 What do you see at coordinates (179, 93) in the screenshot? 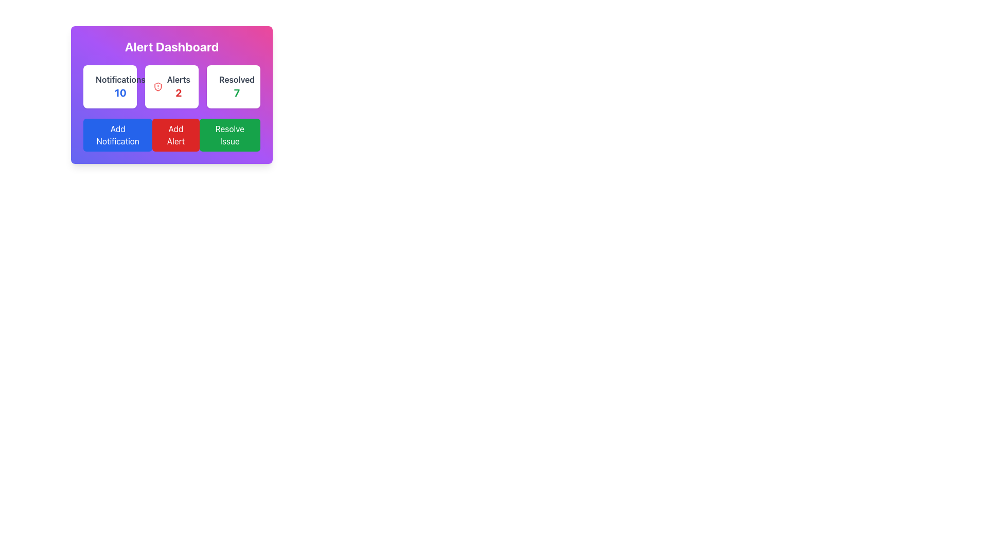
I see `the bold red number '2' label, which is positioned centrally within the middle box labeled 'Alerts'` at bounding box center [179, 93].